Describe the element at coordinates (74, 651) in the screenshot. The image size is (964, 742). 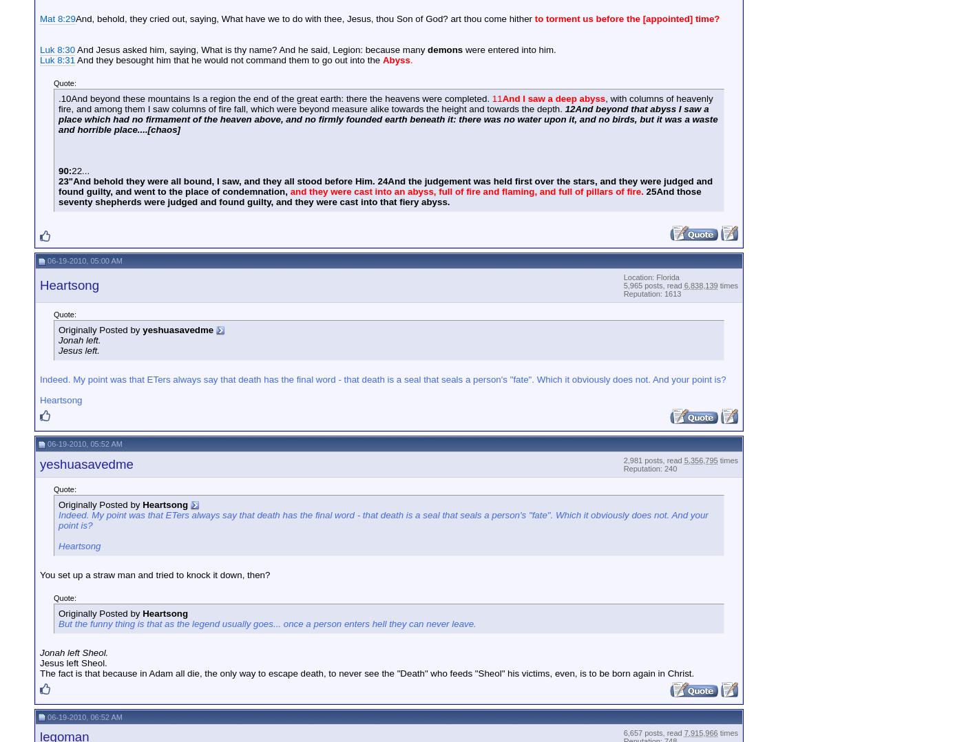
I see `'Jonah left Sheol.'` at that location.